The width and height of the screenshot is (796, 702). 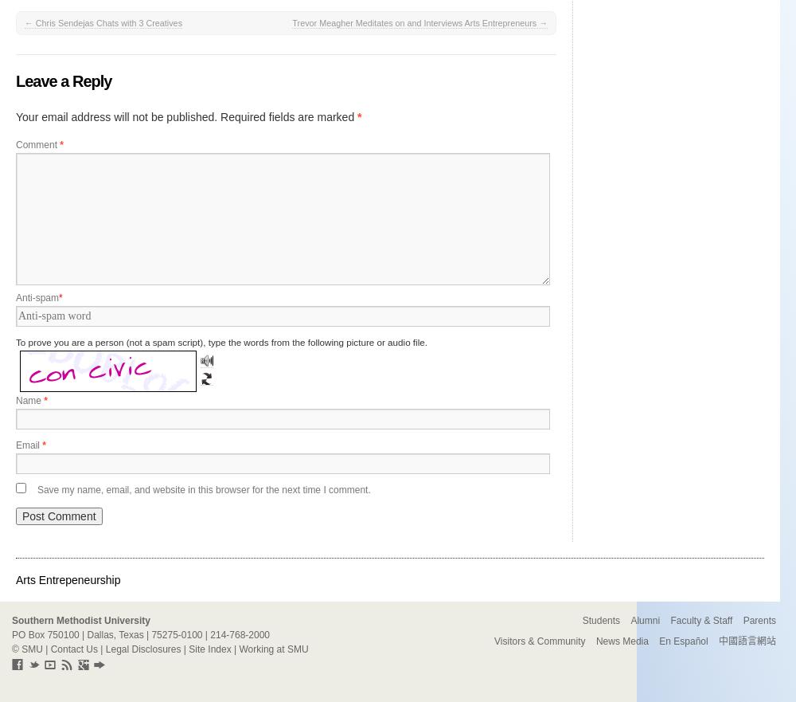 What do you see at coordinates (67, 579) in the screenshot?
I see `'Arts Entrepeneurship'` at bounding box center [67, 579].